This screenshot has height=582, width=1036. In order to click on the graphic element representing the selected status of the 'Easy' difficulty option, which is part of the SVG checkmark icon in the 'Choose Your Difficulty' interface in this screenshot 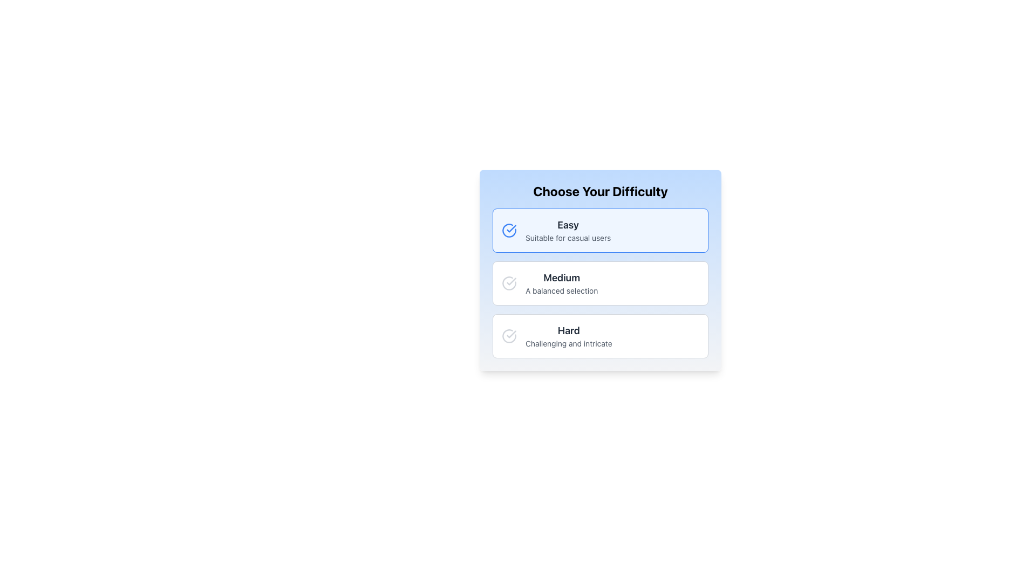, I will do `click(511, 228)`.